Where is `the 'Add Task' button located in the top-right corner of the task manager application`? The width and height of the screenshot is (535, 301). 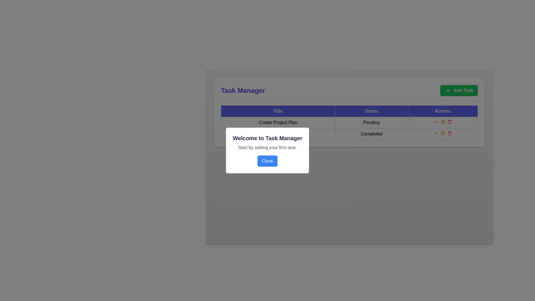 the 'Add Task' button located in the top-right corner of the task manager application is located at coordinates (459, 90).